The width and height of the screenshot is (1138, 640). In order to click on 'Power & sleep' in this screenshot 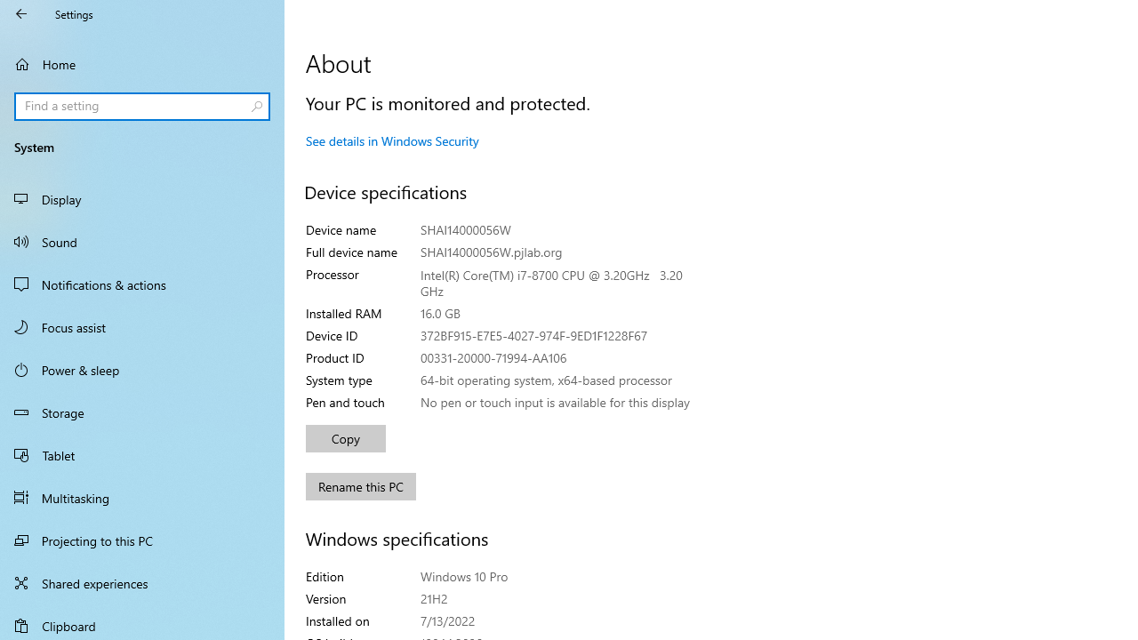, I will do `click(142, 368)`.